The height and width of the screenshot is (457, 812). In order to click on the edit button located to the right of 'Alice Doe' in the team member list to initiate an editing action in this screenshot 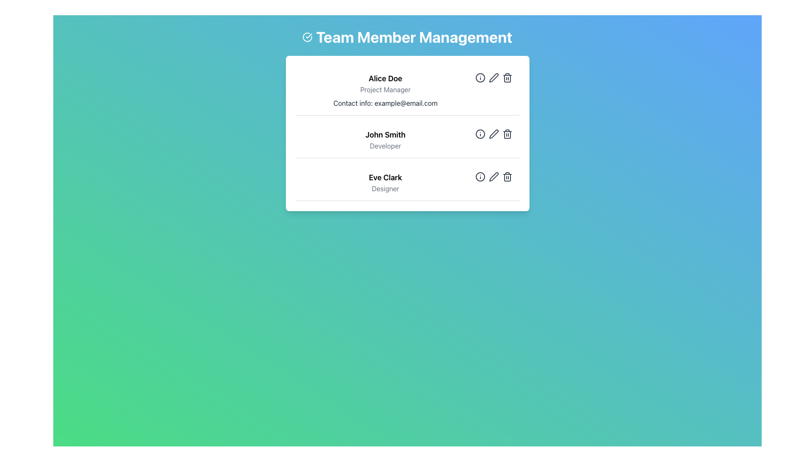, I will do `click(494, 78)`.